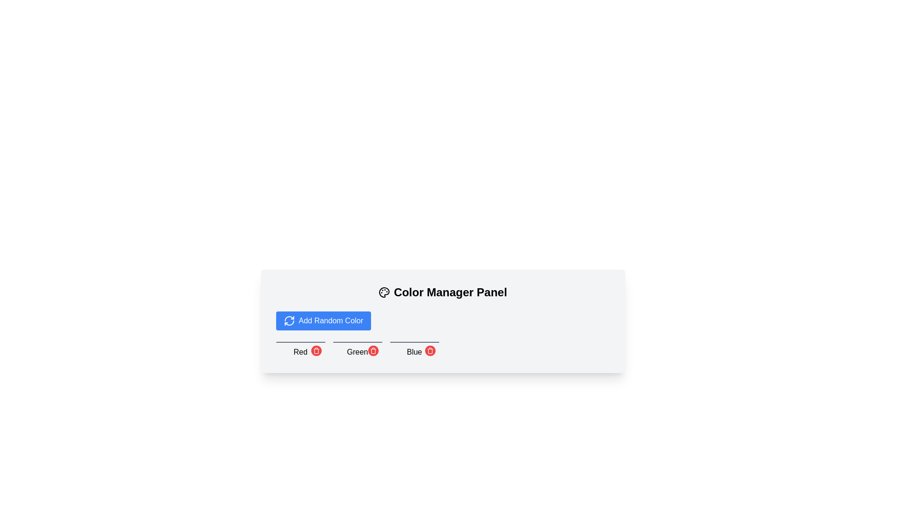 The image size is (911, 512). What do you see at coordinates (300, 352) in the screenshot?
I see `the text label displaying the word 'Red', which is centered within a small rectangular area and positioned to the left of the 'Green' label` at bounding box center [300, 352].